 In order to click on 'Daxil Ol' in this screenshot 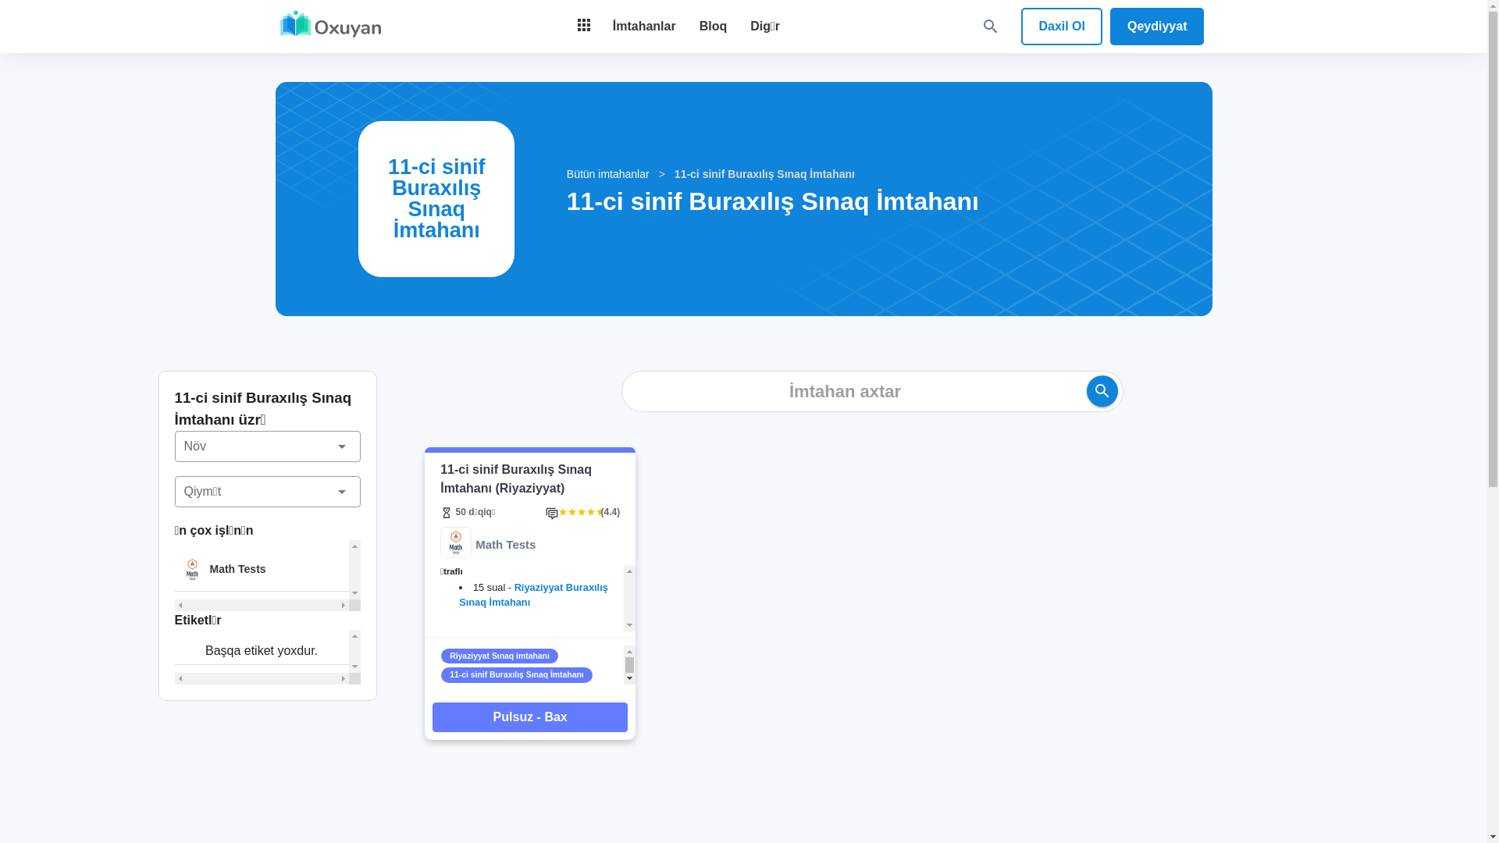, I will do `click(1021, 27)`.